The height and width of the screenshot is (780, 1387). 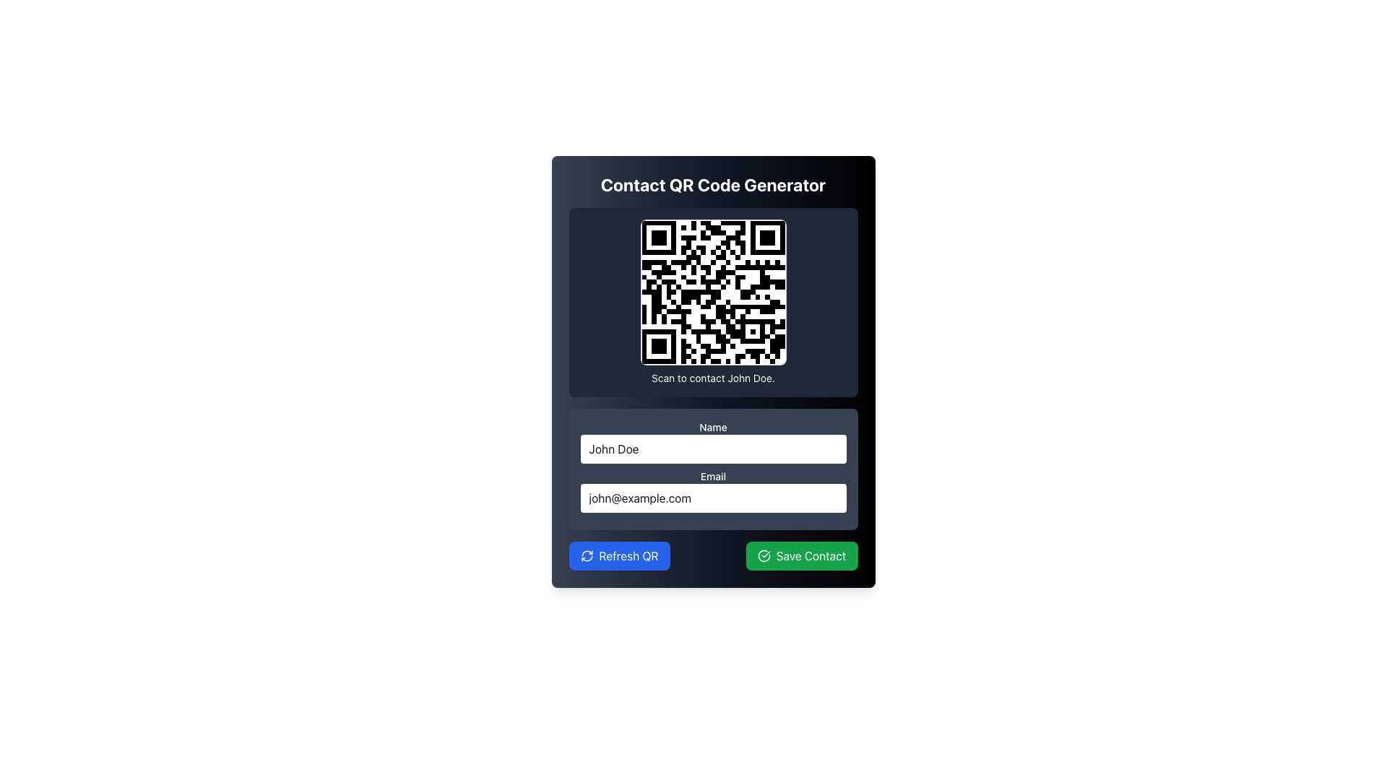 I want to click on the 'Save Contact' button with a green background and a checkmark icon, so click(x=800, y=555).